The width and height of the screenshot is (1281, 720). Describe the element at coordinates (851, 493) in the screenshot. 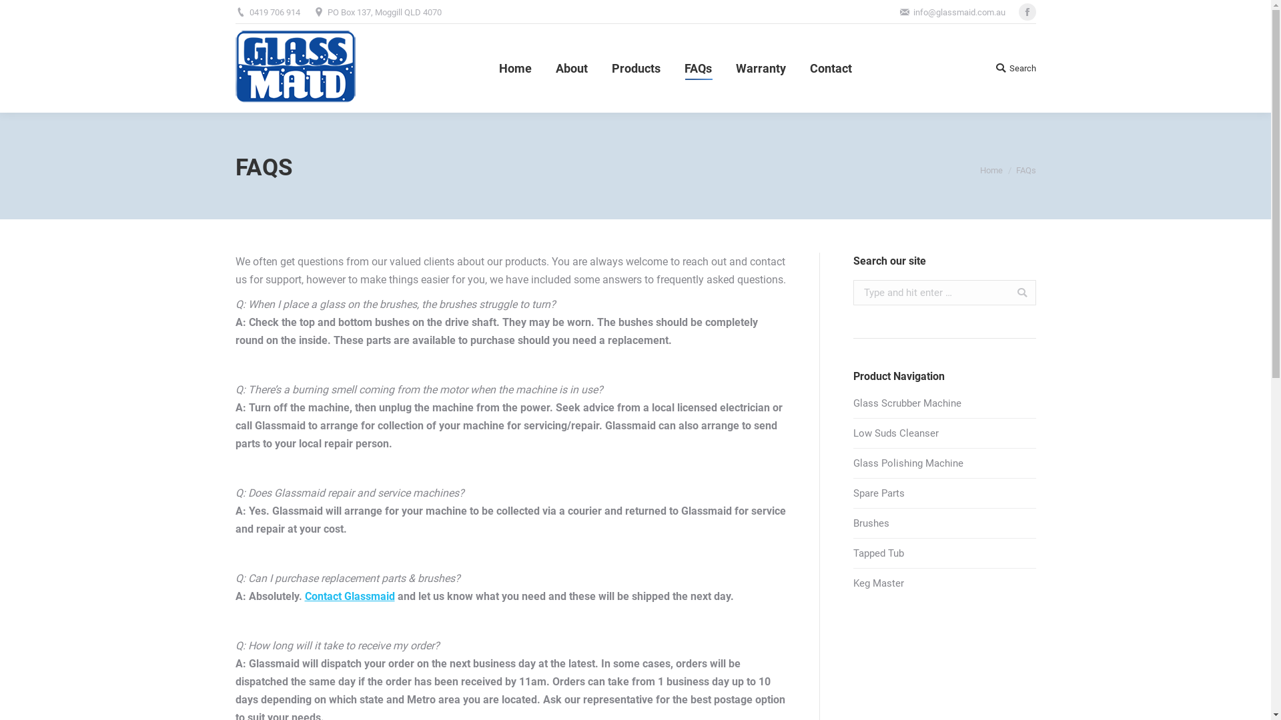

I see `'Spare Parts'` at that location.